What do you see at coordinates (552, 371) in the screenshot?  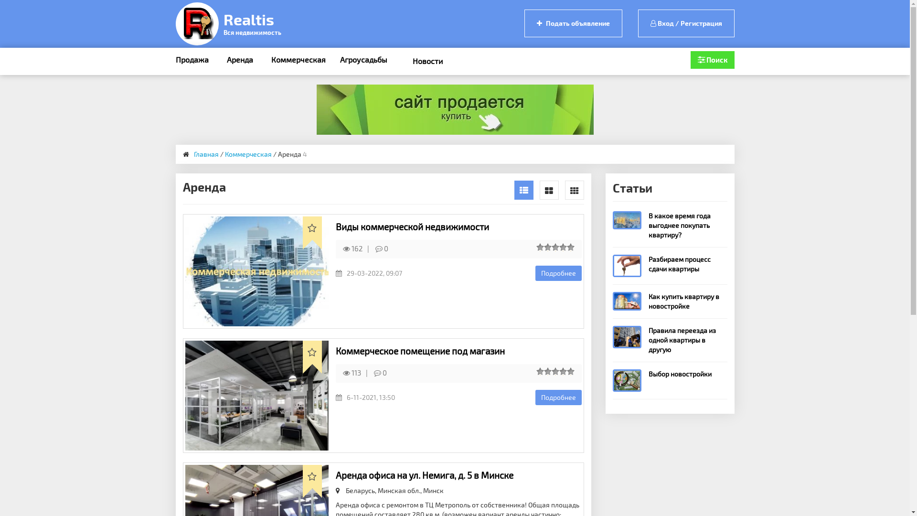 I see `'3'` at bounding box center [552, 371].